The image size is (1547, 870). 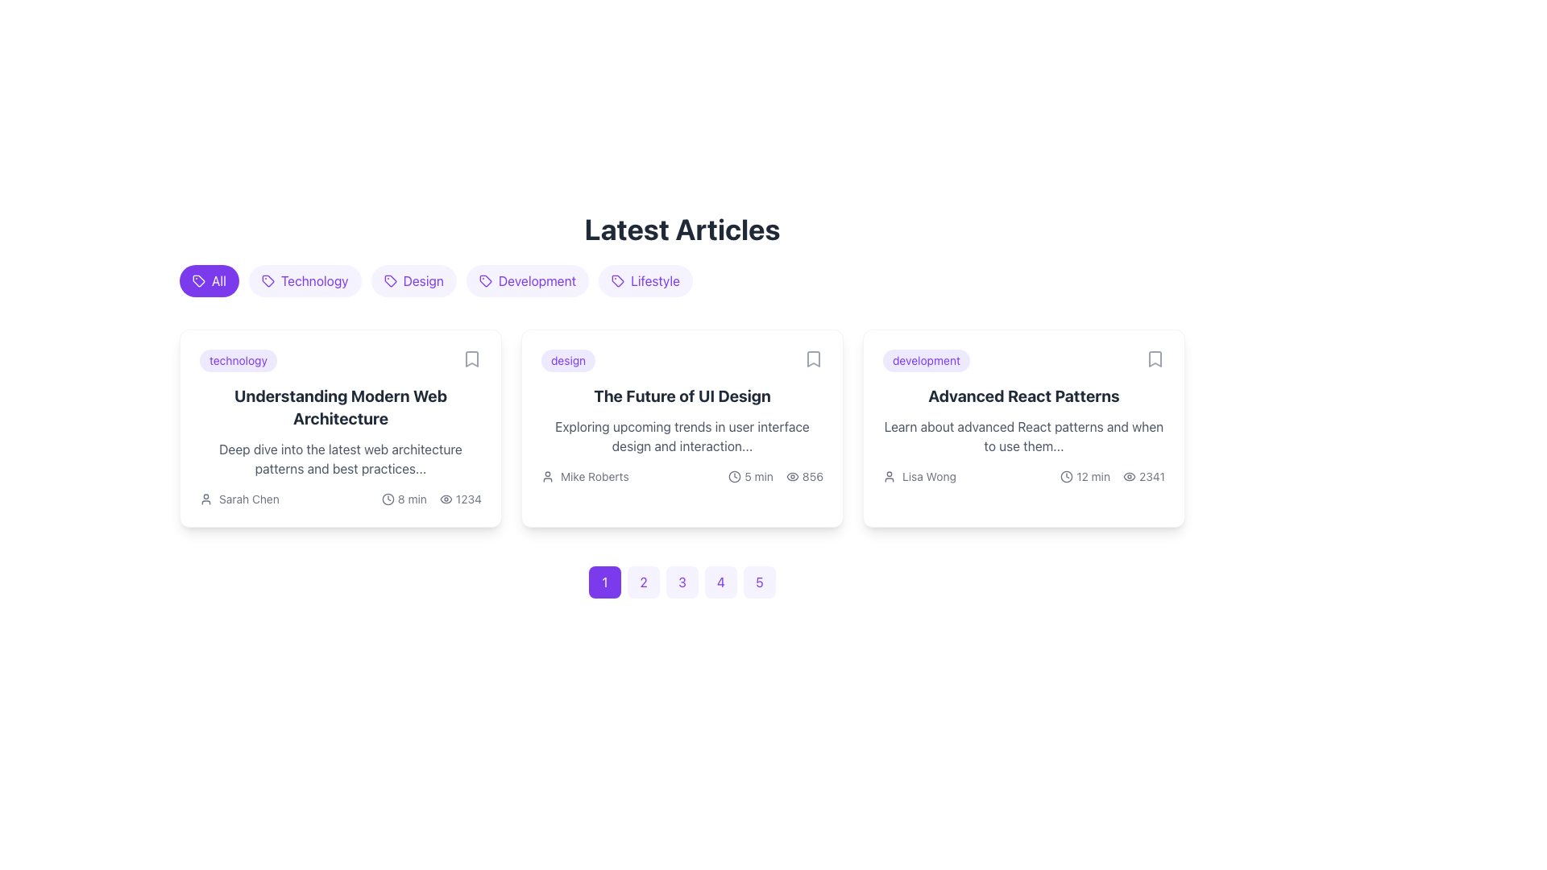 What do you see at coordinates (750, 475) in the screenshot?
I see `the estimated reading time element, which is a text with an accompanying icon, located in the second article card under the 'Latest Articles' section` at bounding box center [750, 475].